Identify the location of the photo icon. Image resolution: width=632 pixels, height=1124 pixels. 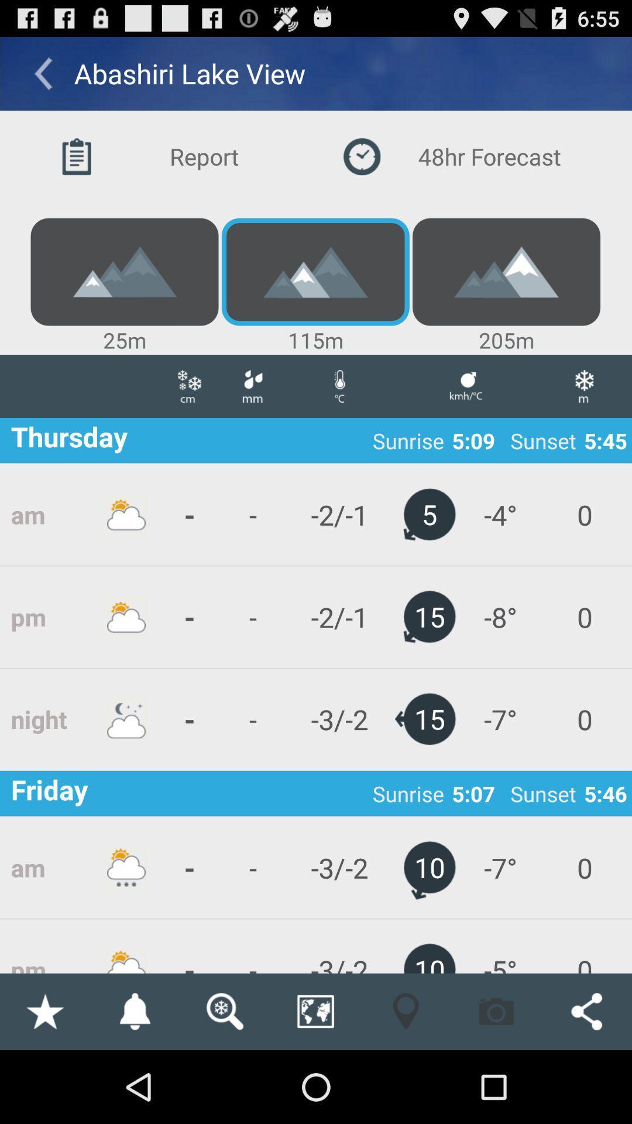
(496, 1082).